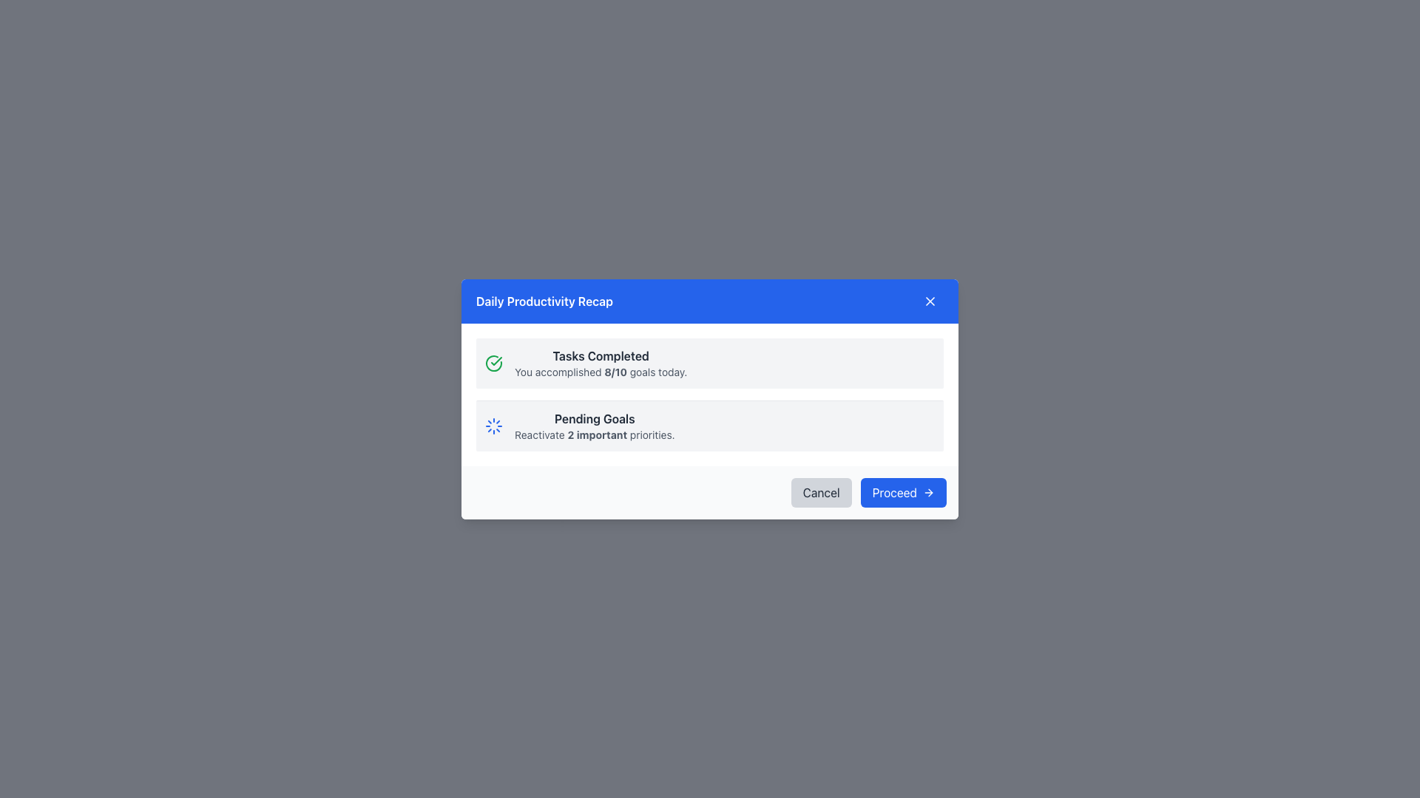 This screenshot has width=1420, height=798. I want to click on the Informational display box that shows feedback about completed goals, positioned above the 'Pending Goals' section, so click(710, 363).